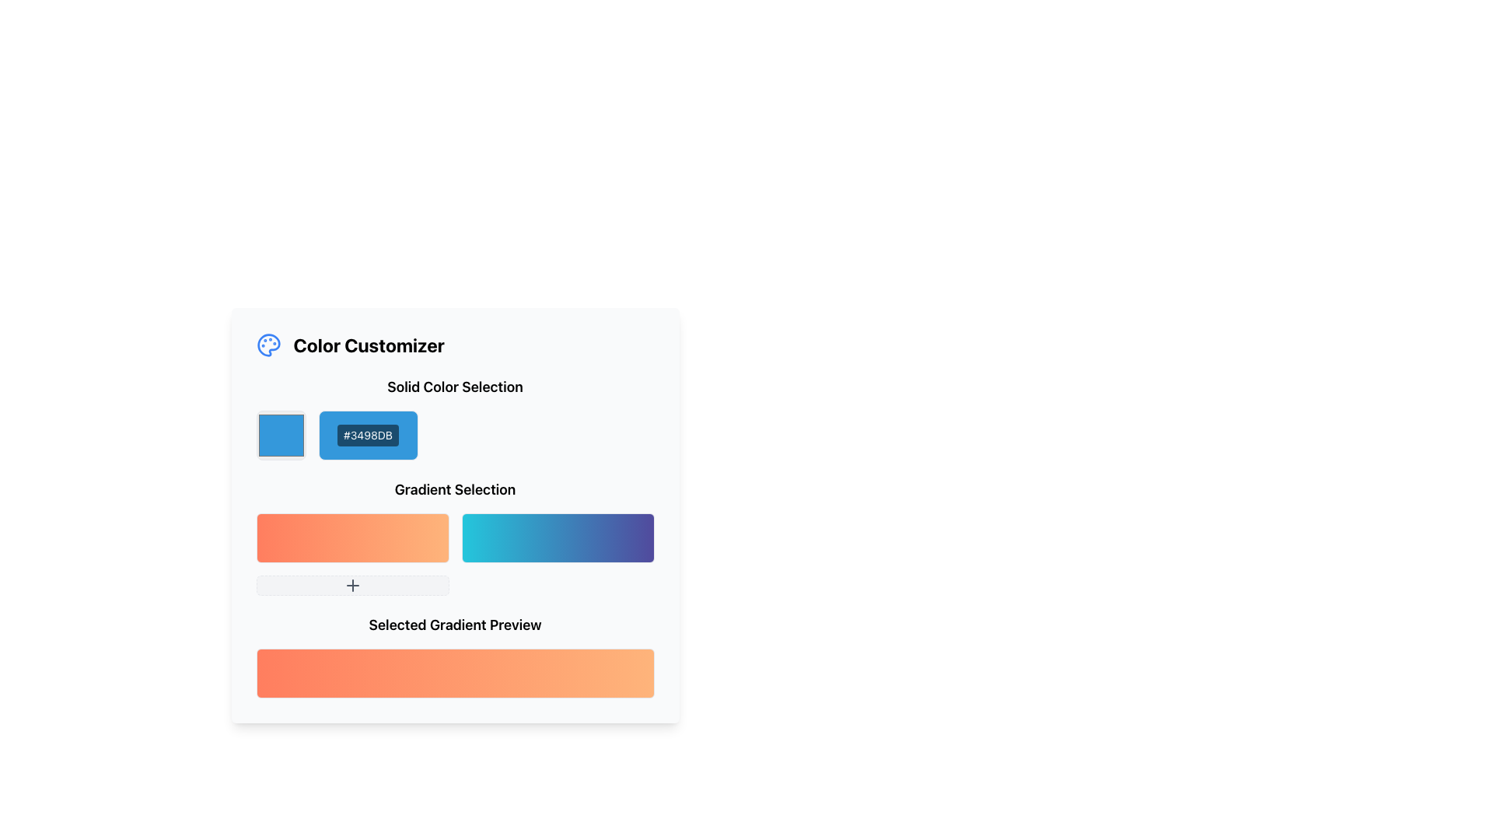 The image size is (1493, 840). Describe the element at coordinates (454, 516) in the screenshot. I see `the color swatch in the central color customization card interface, which allows users` at that location.